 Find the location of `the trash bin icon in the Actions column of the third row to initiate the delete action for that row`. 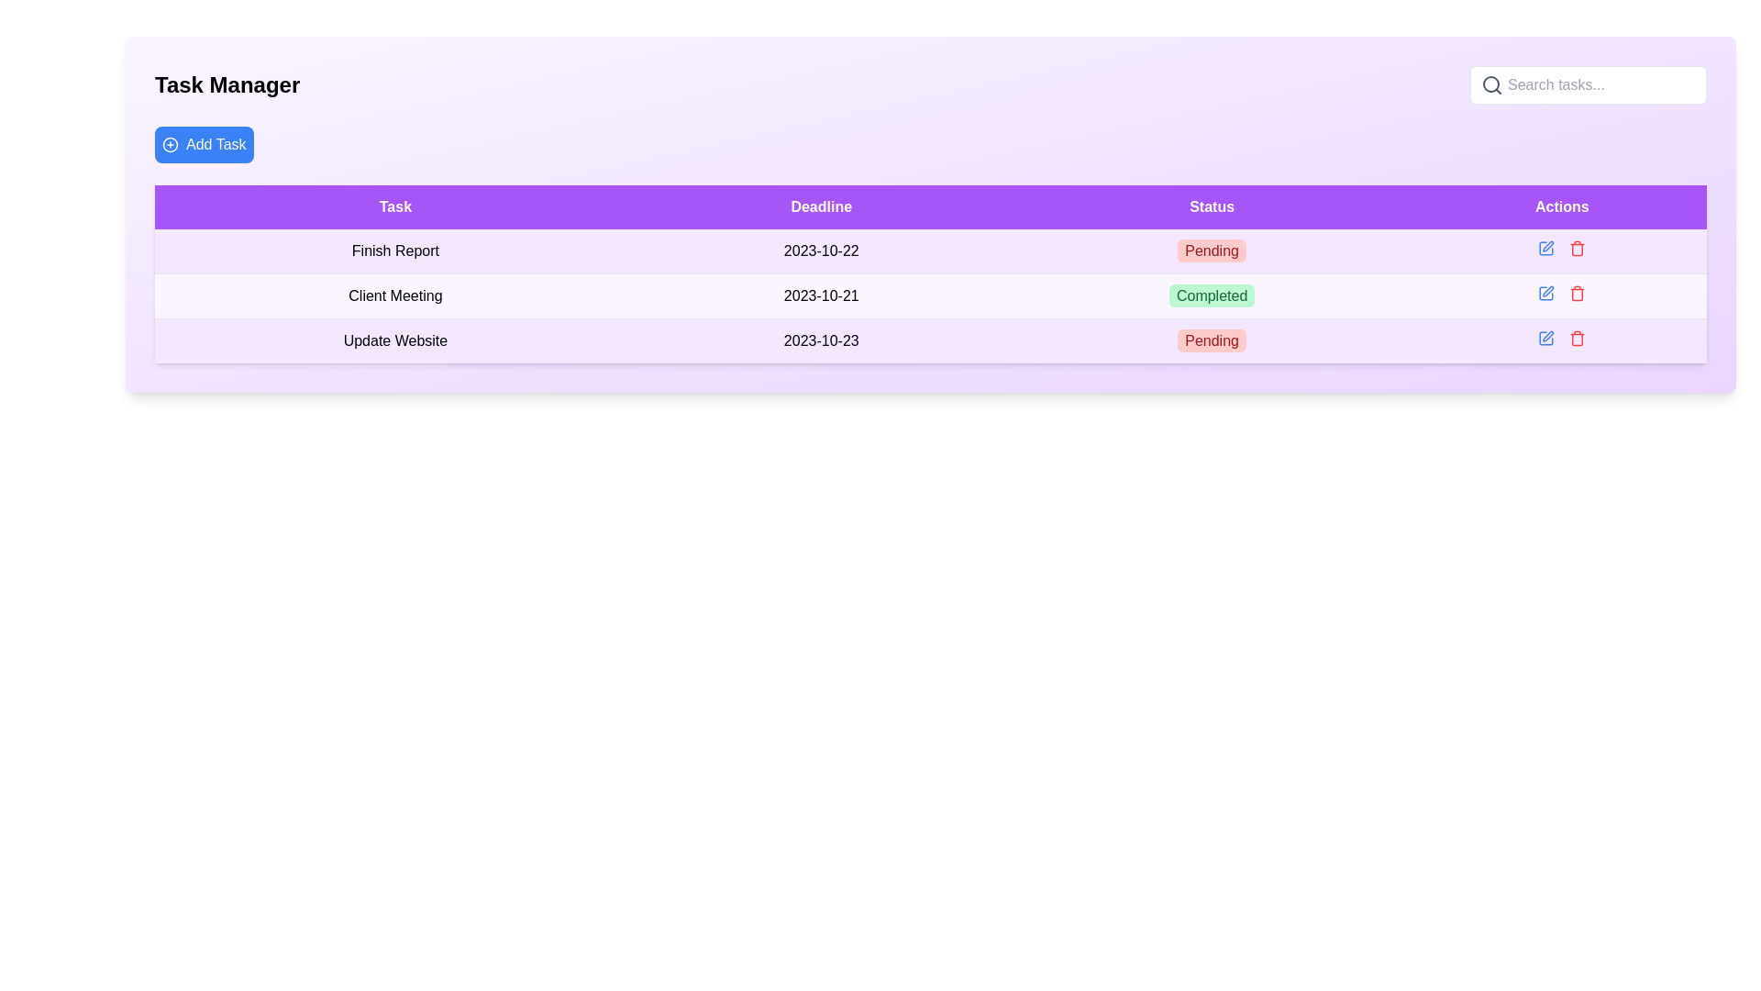

the trash bin icon in the Actions column of the third row to initiate the delete action for that row is located at coordinates (1577, 294).